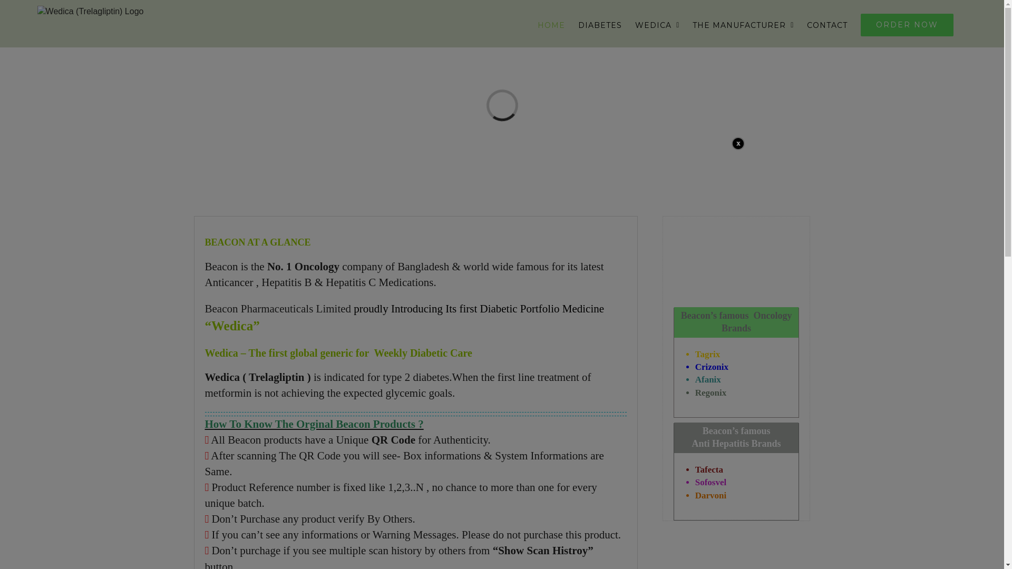 The image size is (1012, 569). Describe the element at coordinates (708, 354) in the screenshot. I see `'Tagrix'` at that location.